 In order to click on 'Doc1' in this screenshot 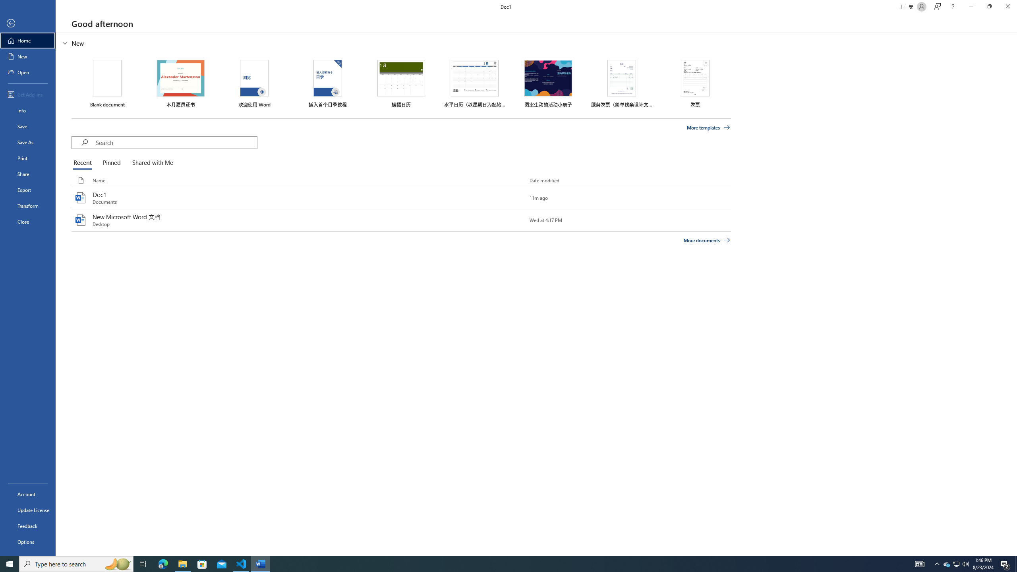, I will do `click(400, 197)`.